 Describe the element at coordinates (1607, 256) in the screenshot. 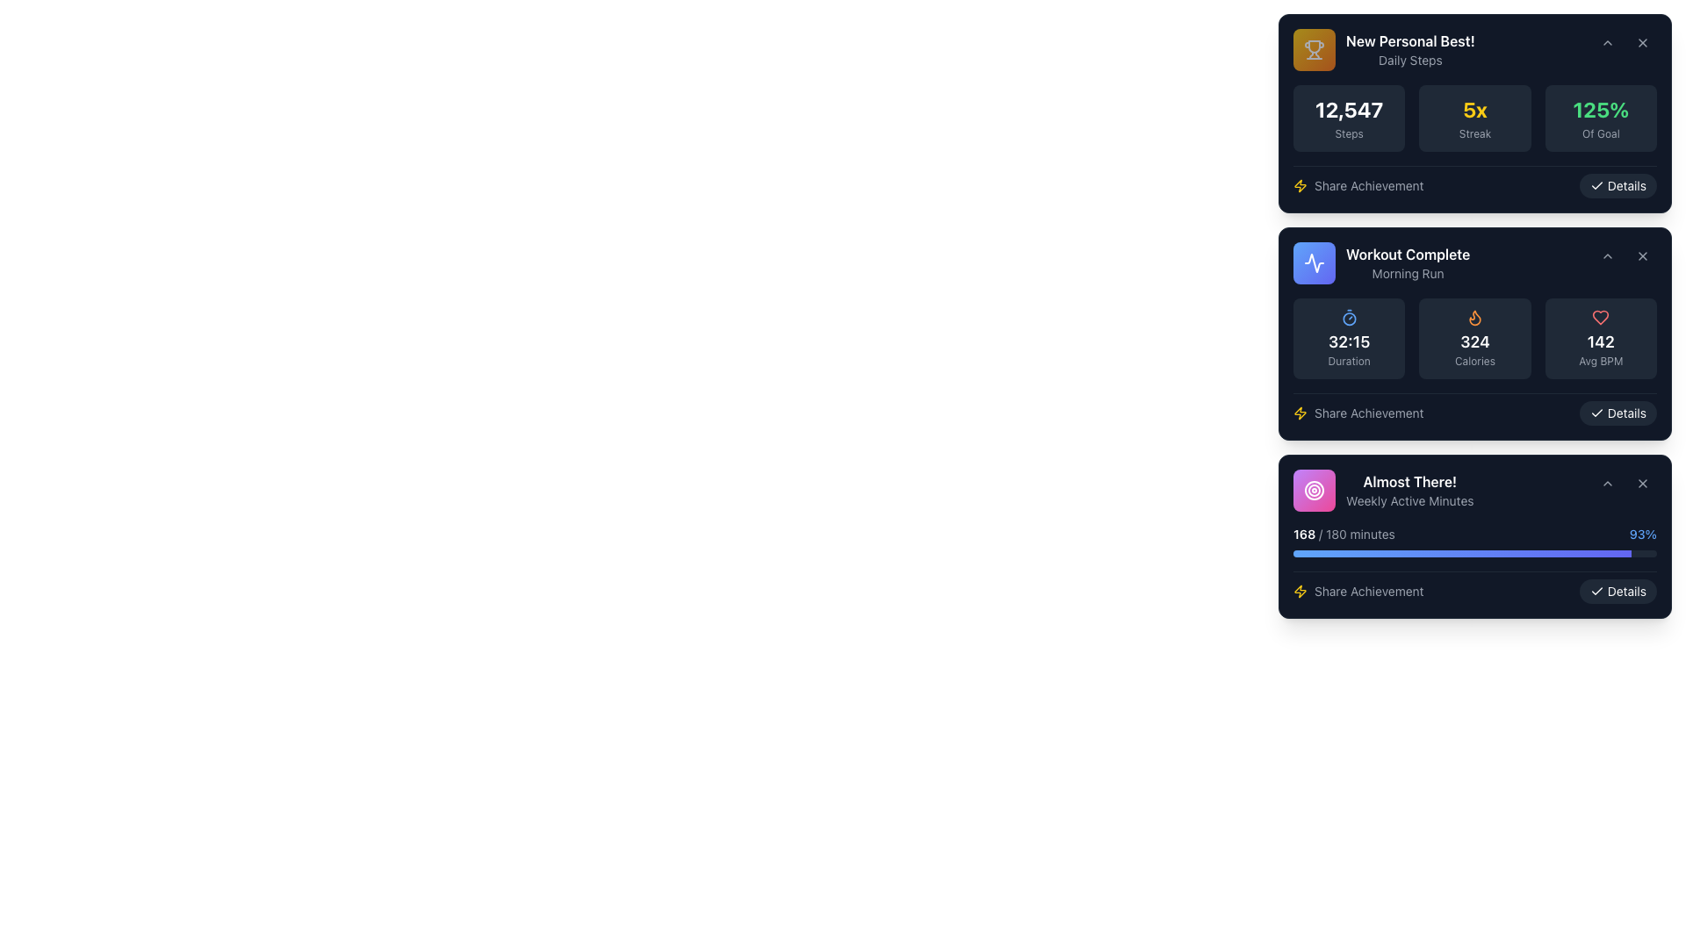

I see `the chevron icon button in the top-right corner of the 'Workout Complete' card` at that location.